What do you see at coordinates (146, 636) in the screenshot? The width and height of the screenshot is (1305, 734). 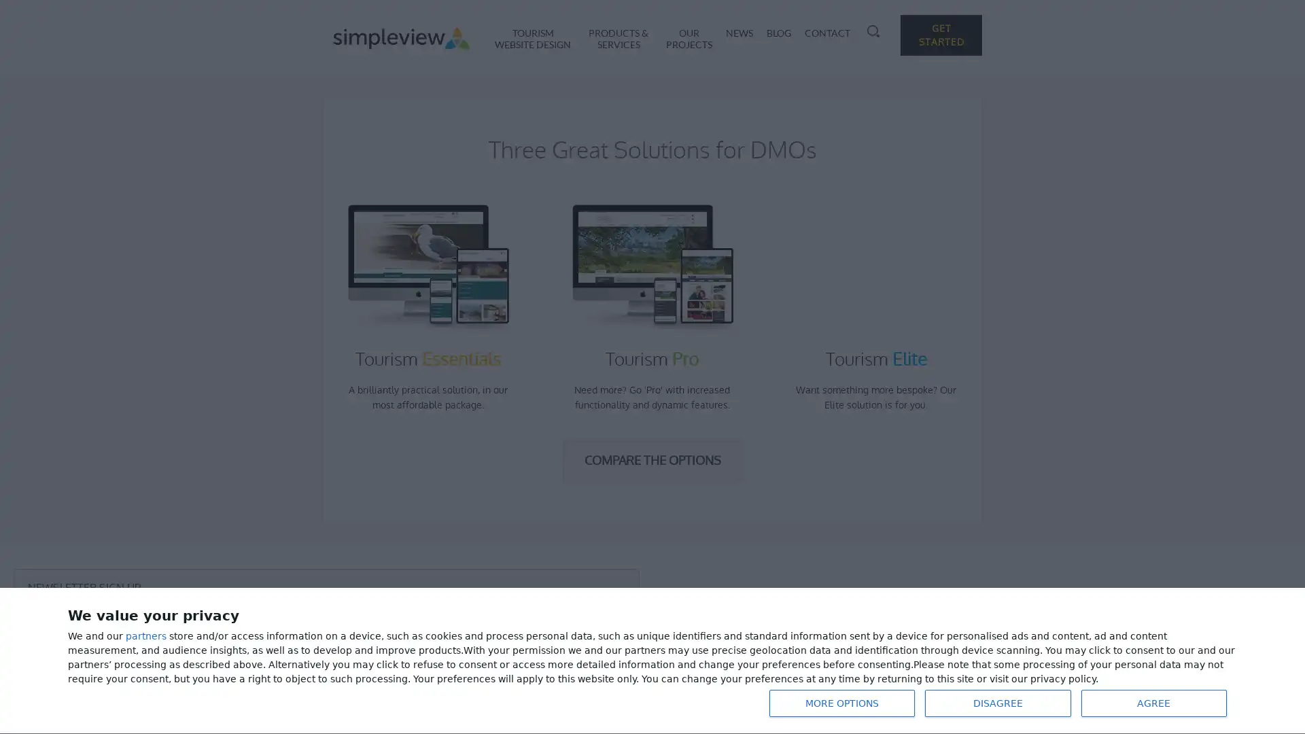 I see `partners` at bounding box center [146, 636].